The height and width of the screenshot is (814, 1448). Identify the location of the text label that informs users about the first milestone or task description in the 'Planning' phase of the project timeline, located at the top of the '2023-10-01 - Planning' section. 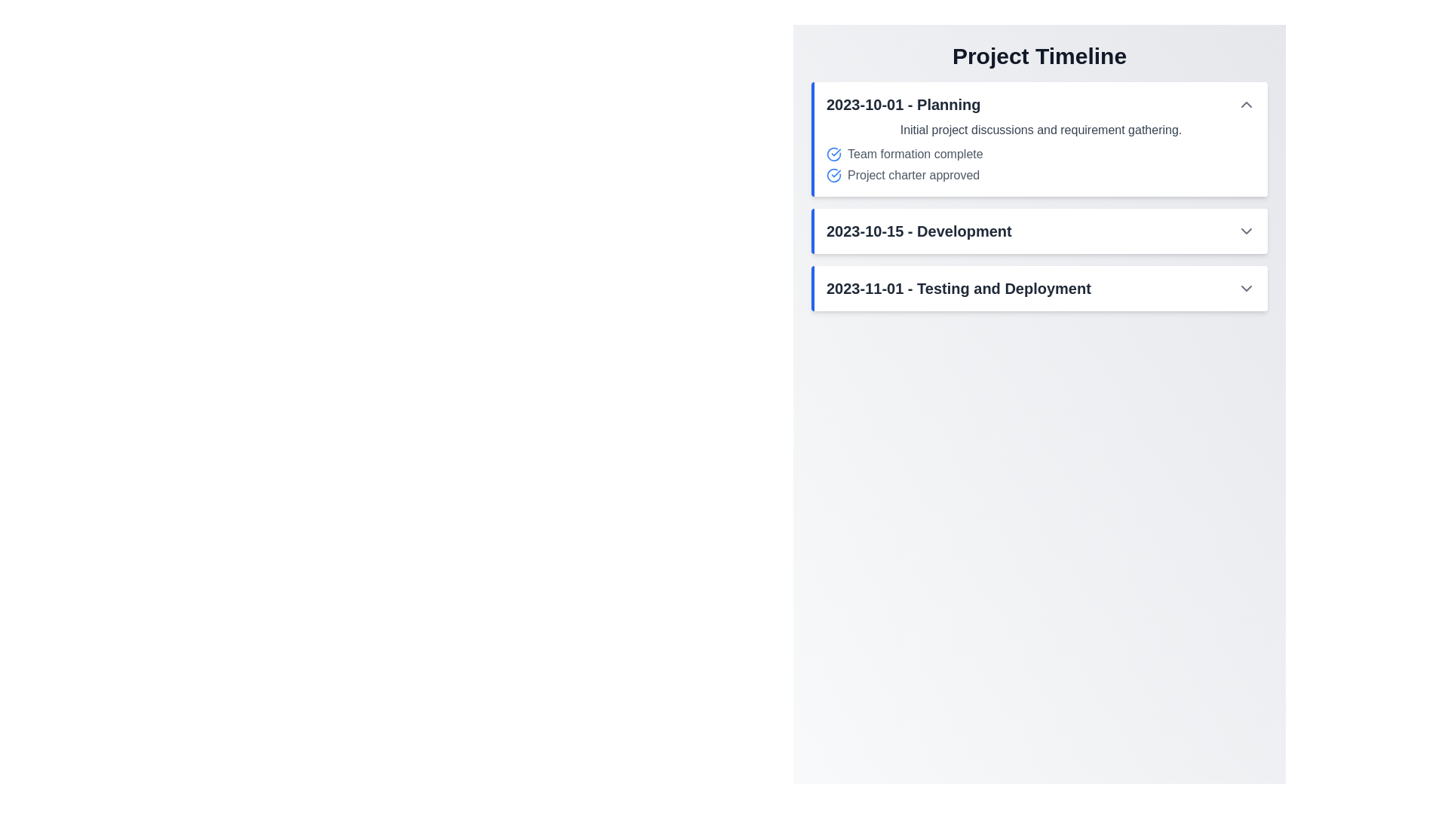
(1040, 130).